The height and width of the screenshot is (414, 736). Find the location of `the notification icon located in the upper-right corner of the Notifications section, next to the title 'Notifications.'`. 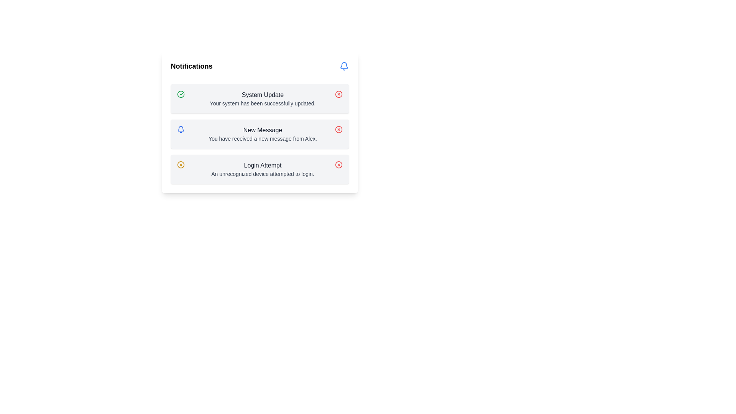

the notification icon located in the upper-right corner of the Notifications section, next to the title 'Notifications.' is located at coordinates (343, 66).